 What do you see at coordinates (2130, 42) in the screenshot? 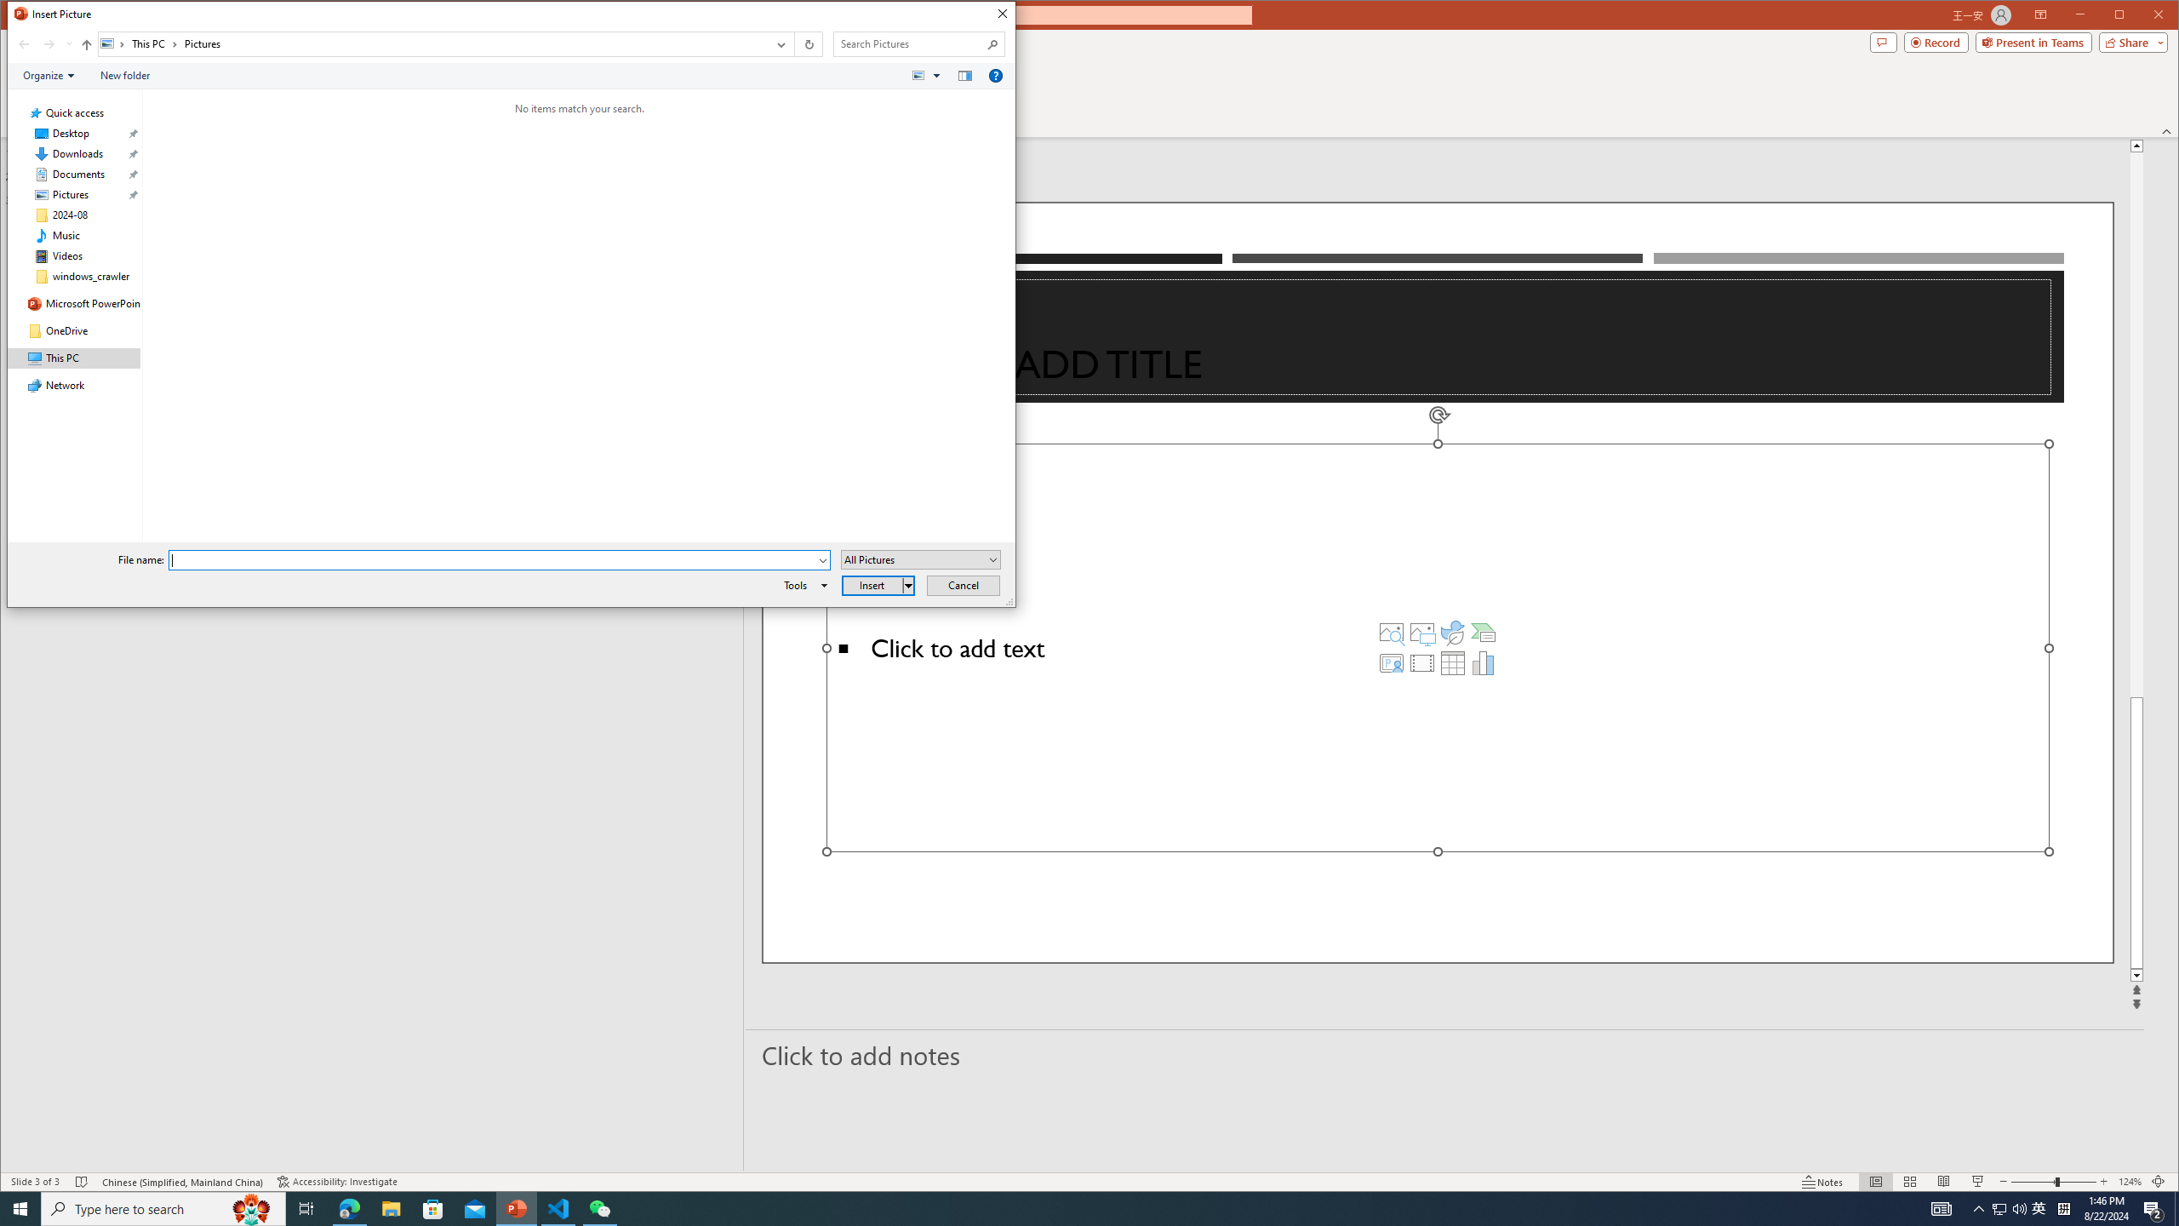
I see `'Share'` at bounding box center [2130, 42].